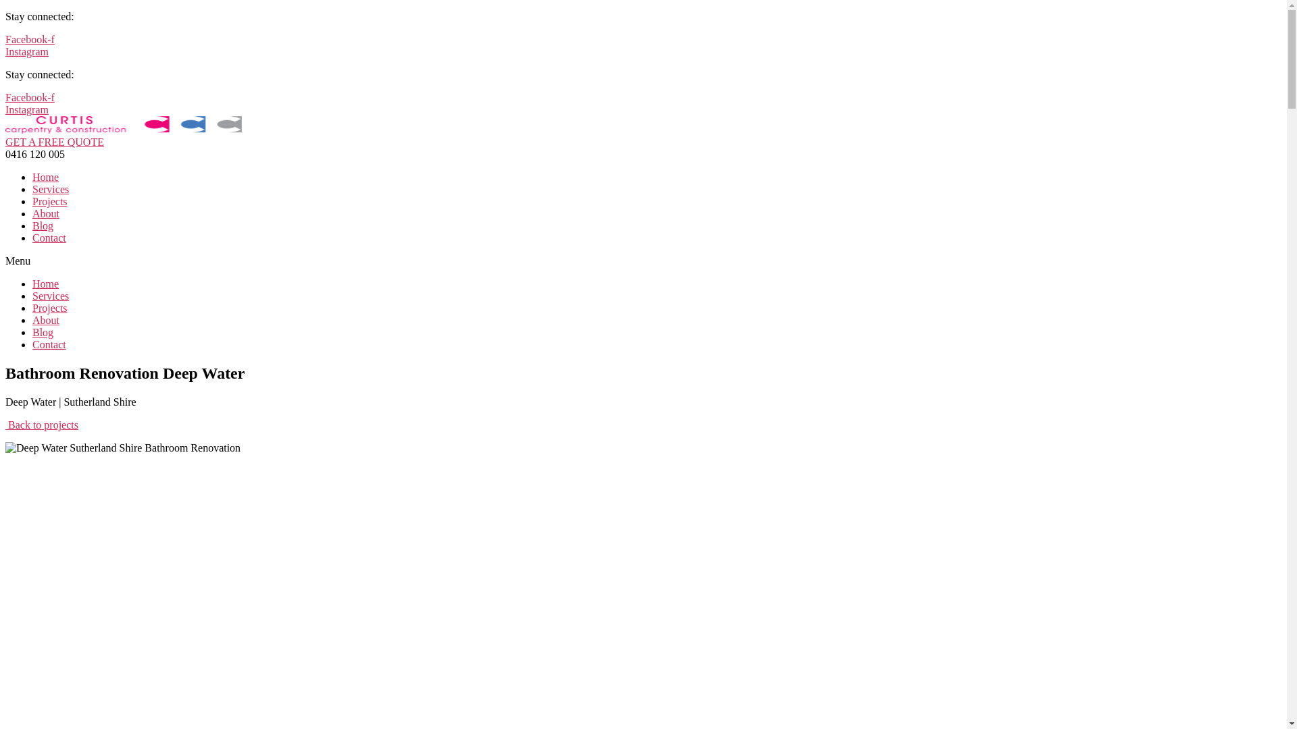 The image size is (1297, 729). I want to click on 'Facebook-f', so click(30, 97).